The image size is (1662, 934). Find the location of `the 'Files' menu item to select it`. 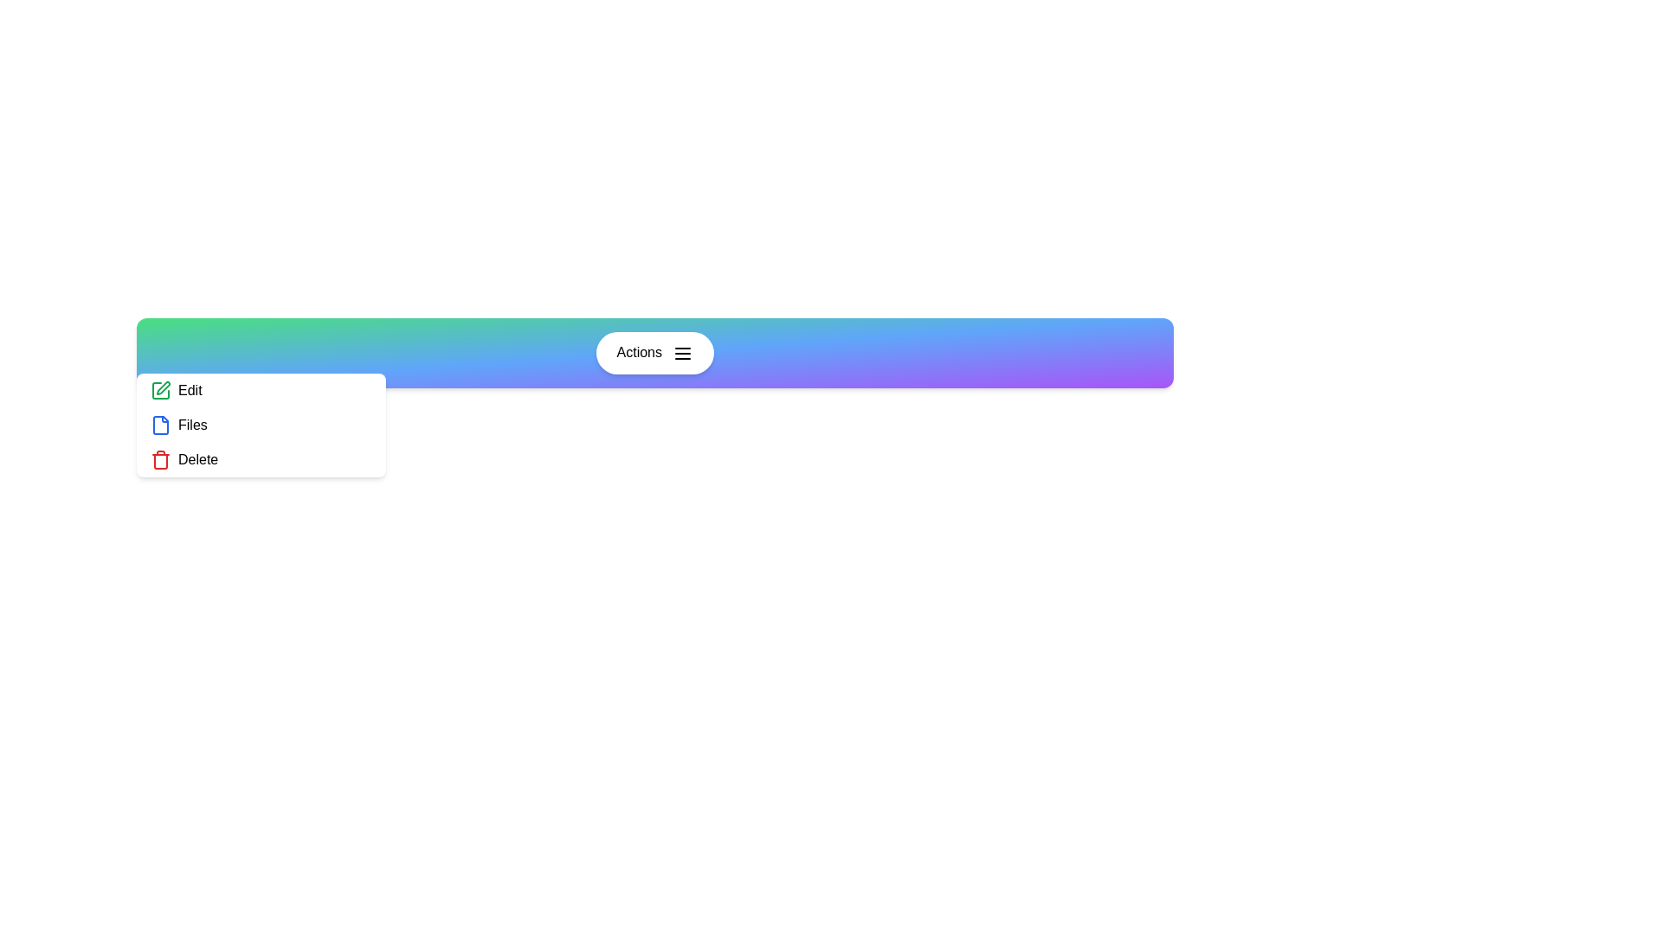

the 'Files' menu item to select it is located at coordinates (261, 425).